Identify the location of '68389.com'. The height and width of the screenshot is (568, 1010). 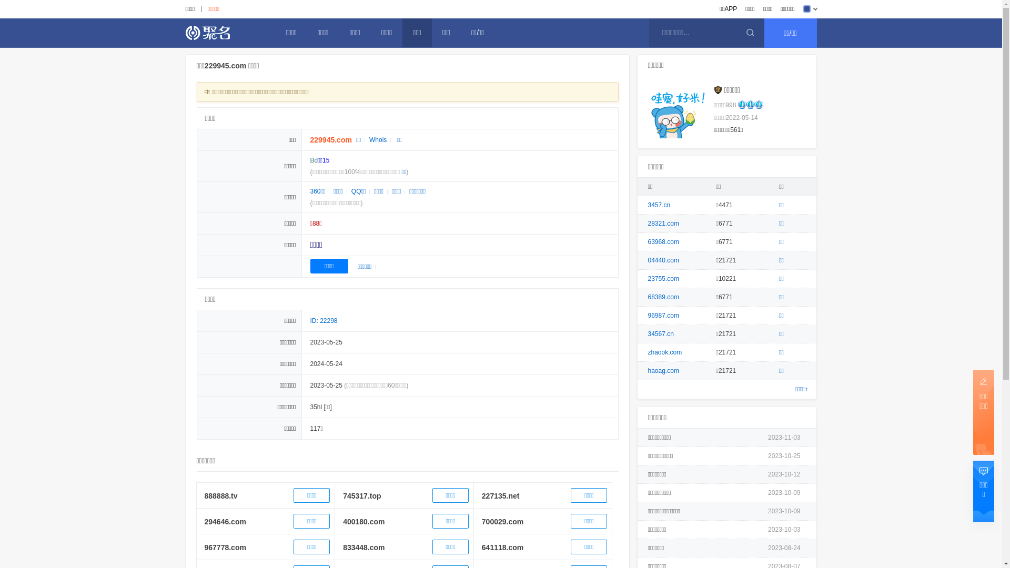
(663, 297).